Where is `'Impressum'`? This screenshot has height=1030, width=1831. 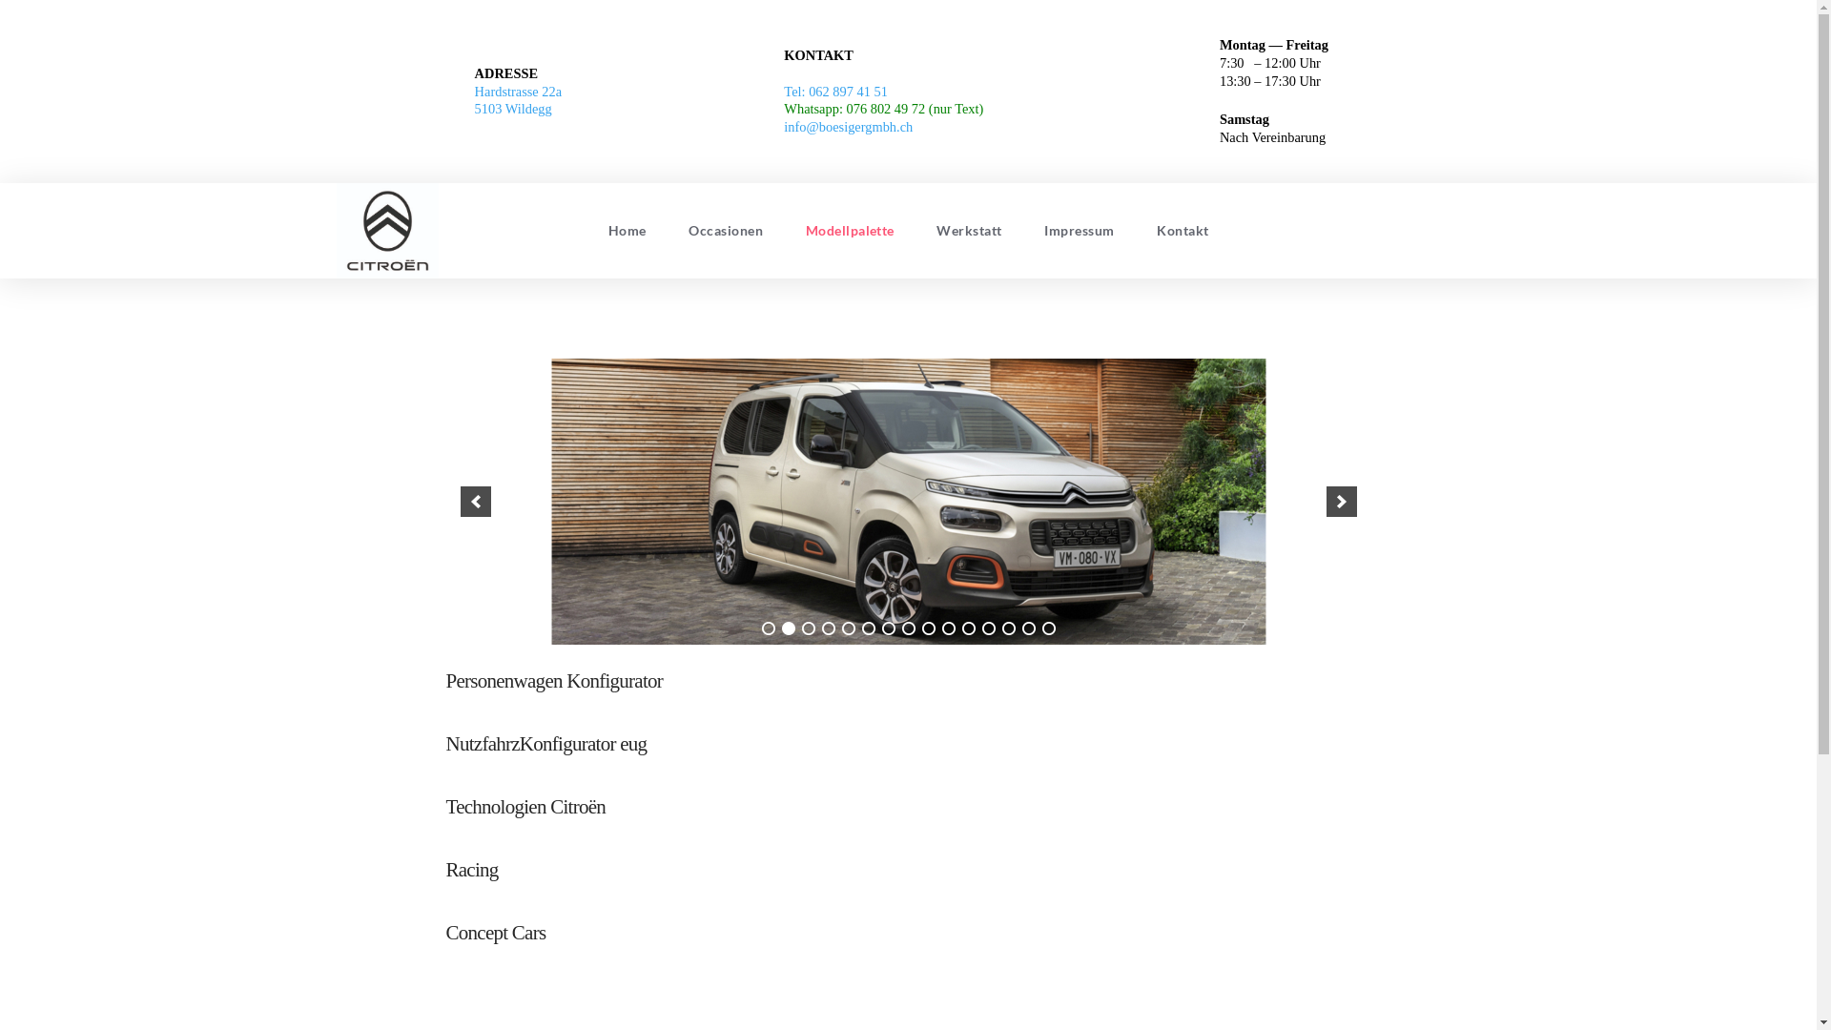
'Impressum' is located at coordinates (1080, 230).